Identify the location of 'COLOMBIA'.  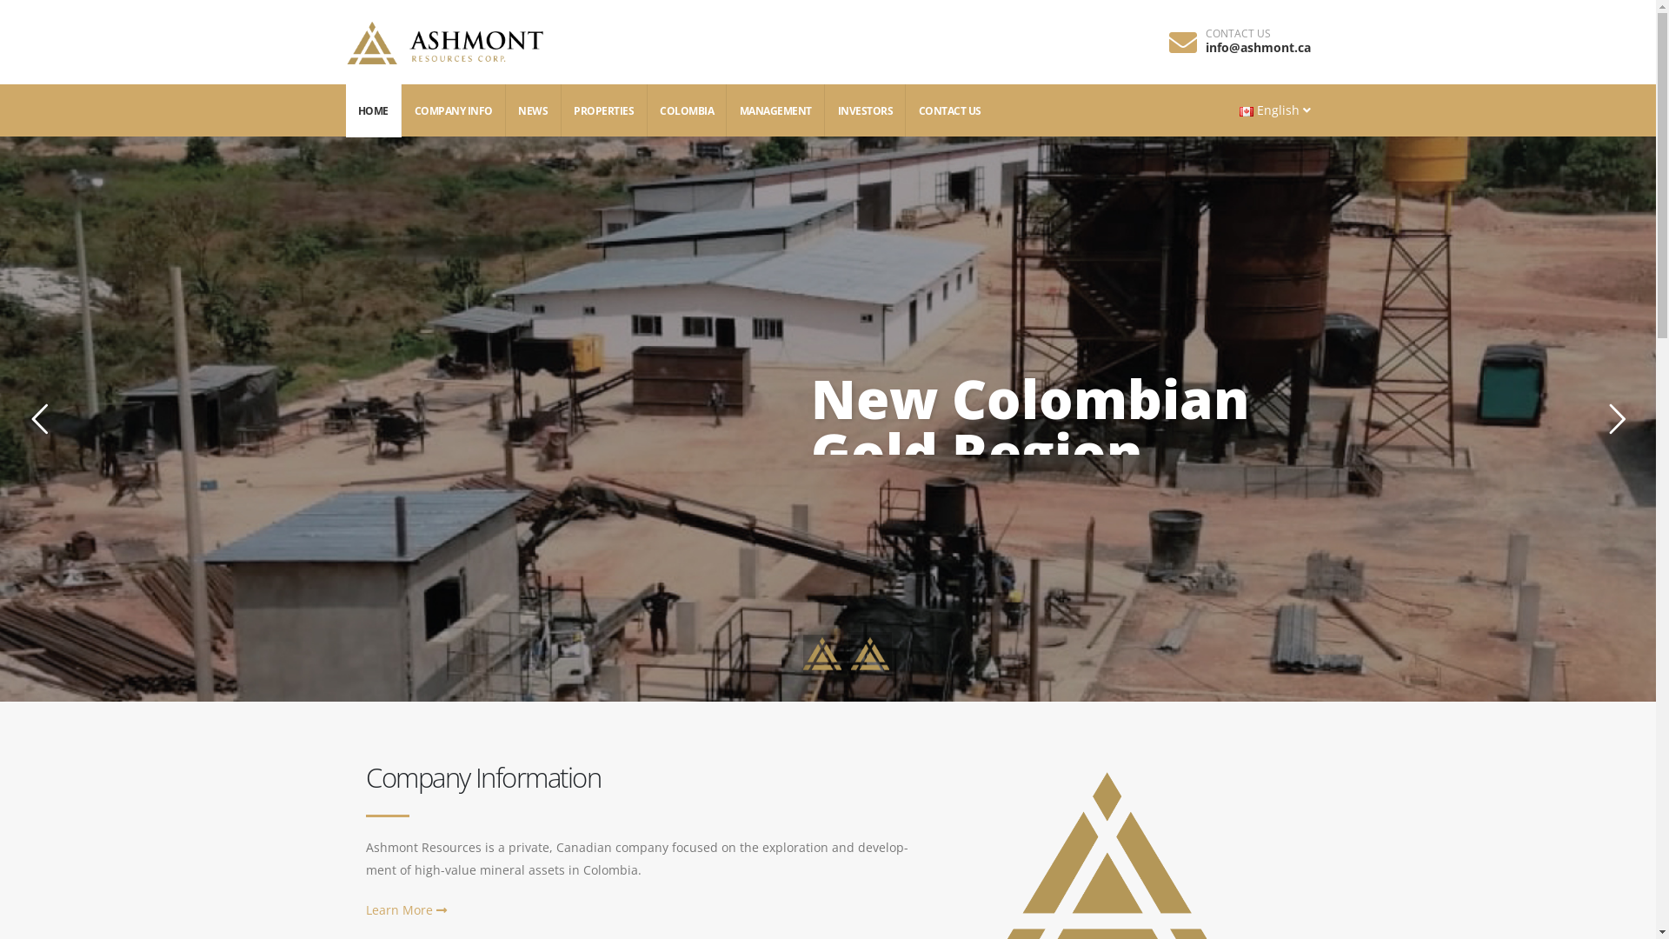
(687, 110).